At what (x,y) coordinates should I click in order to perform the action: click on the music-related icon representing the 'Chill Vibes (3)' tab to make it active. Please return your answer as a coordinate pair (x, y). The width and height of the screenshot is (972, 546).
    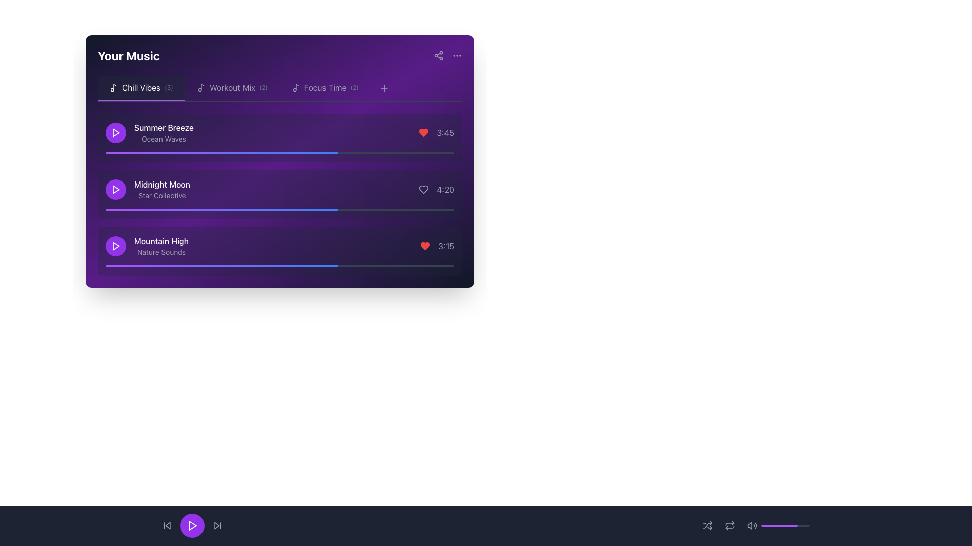
    Looking at the image, I should click on (114, 87).